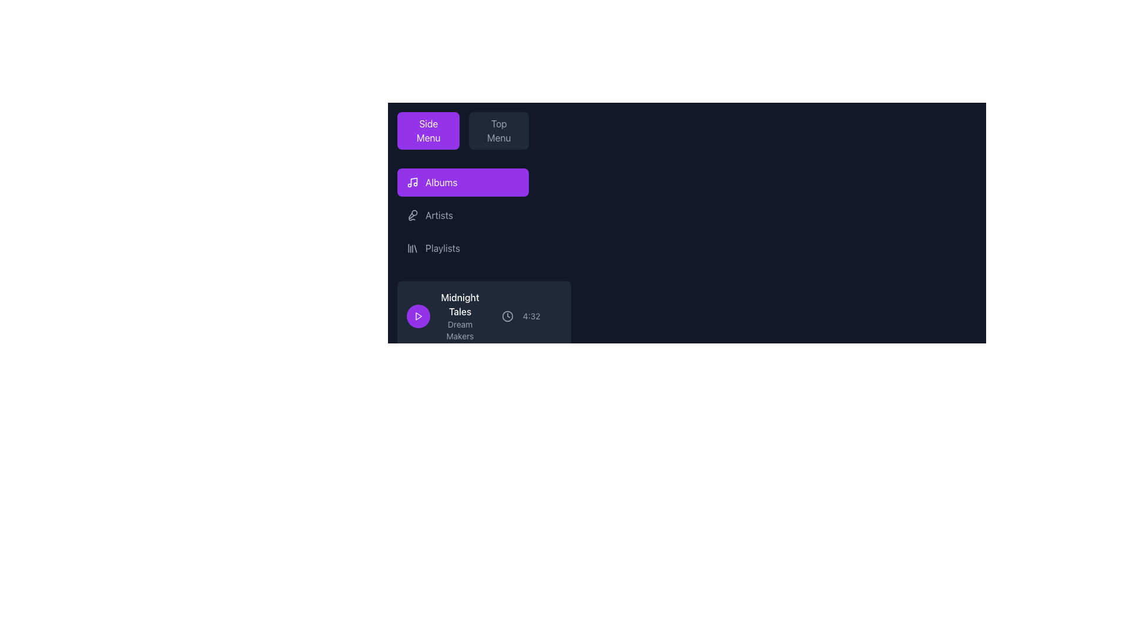 The image size is (1127, 634). What do you see at coordinates (442, 248) in the screenshot?
I see `the 'Playlists' text label in the navigation menu` at bounding box center [442, 248].